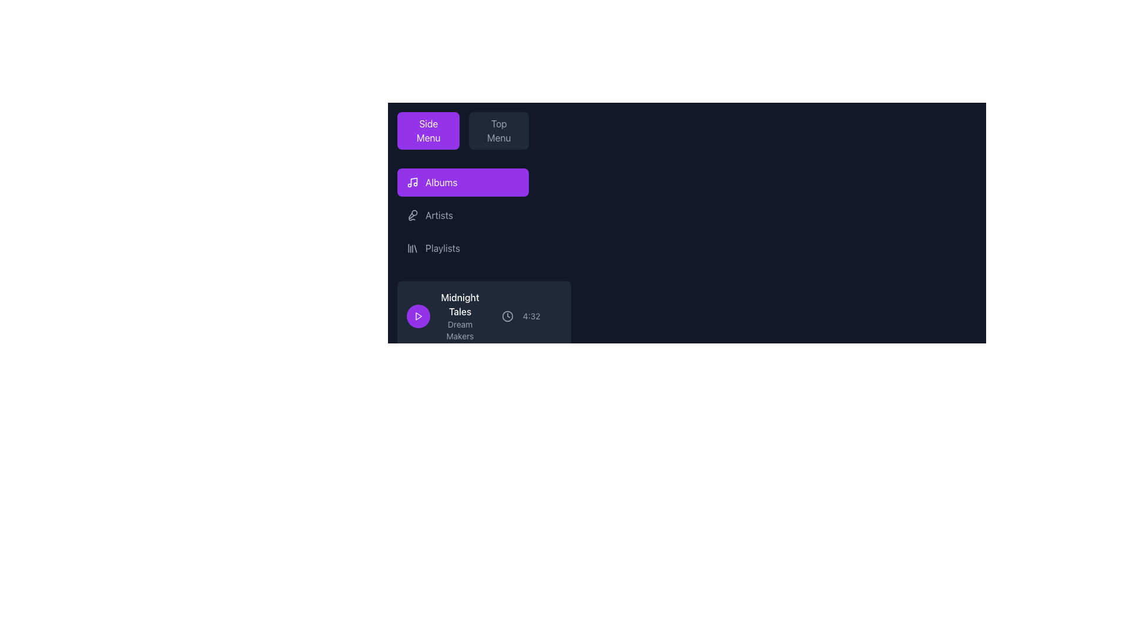 The image size is (1127, 634). What do you see at coordinates (442, 248) in the screenshot?
I see `the 'Playlists' text label in the navigation menu` at bounding box center [442, 248].